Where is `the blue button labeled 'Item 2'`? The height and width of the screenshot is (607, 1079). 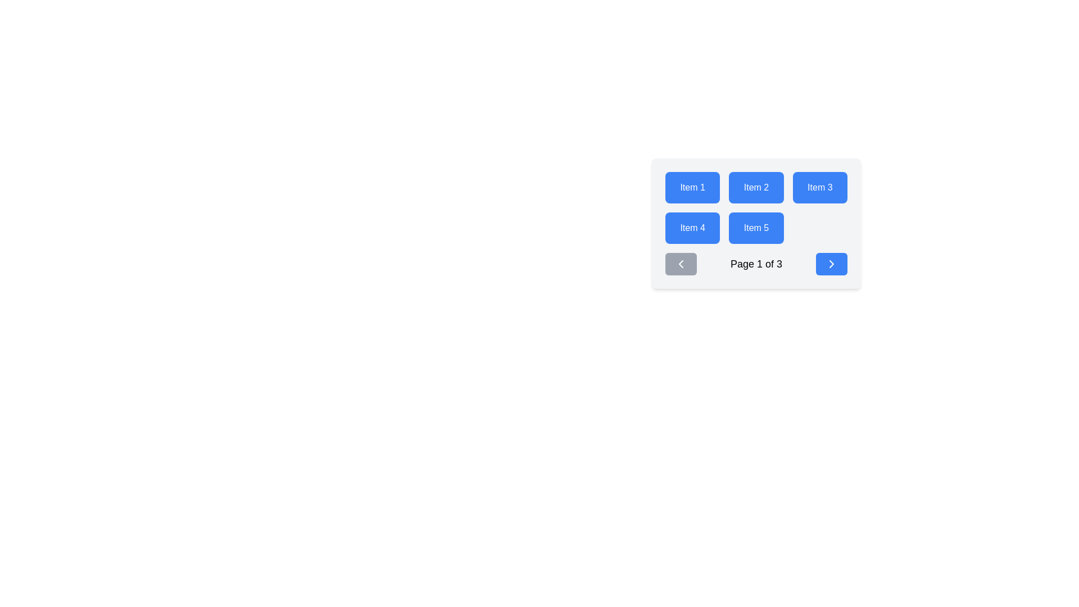
the blue button labeled 'Item 2' is located at coordinates (756, 187).